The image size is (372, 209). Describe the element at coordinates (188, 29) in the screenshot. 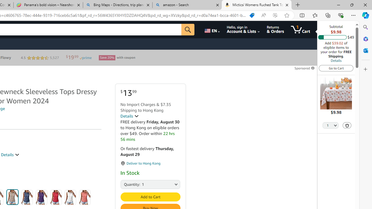

I see `'Go'` at that location.